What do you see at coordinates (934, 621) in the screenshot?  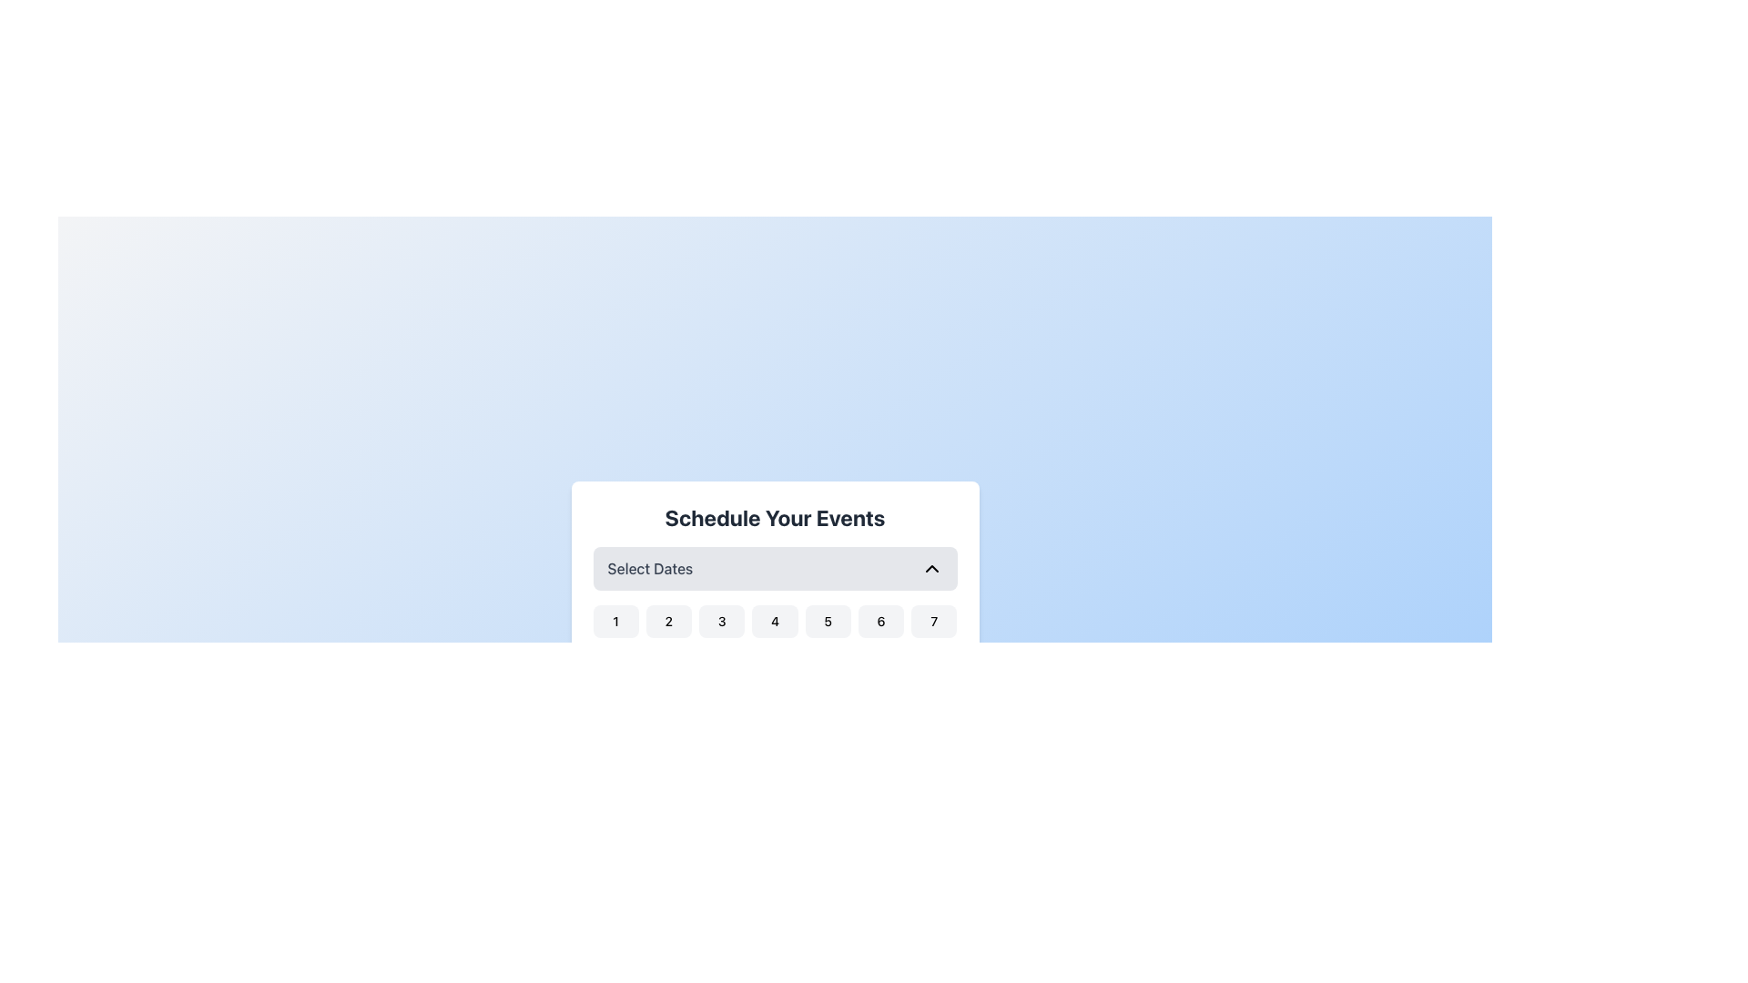 I see `the button representing the selectable option in the first row and seventh column of the grid` at bounding box center [934, 621].